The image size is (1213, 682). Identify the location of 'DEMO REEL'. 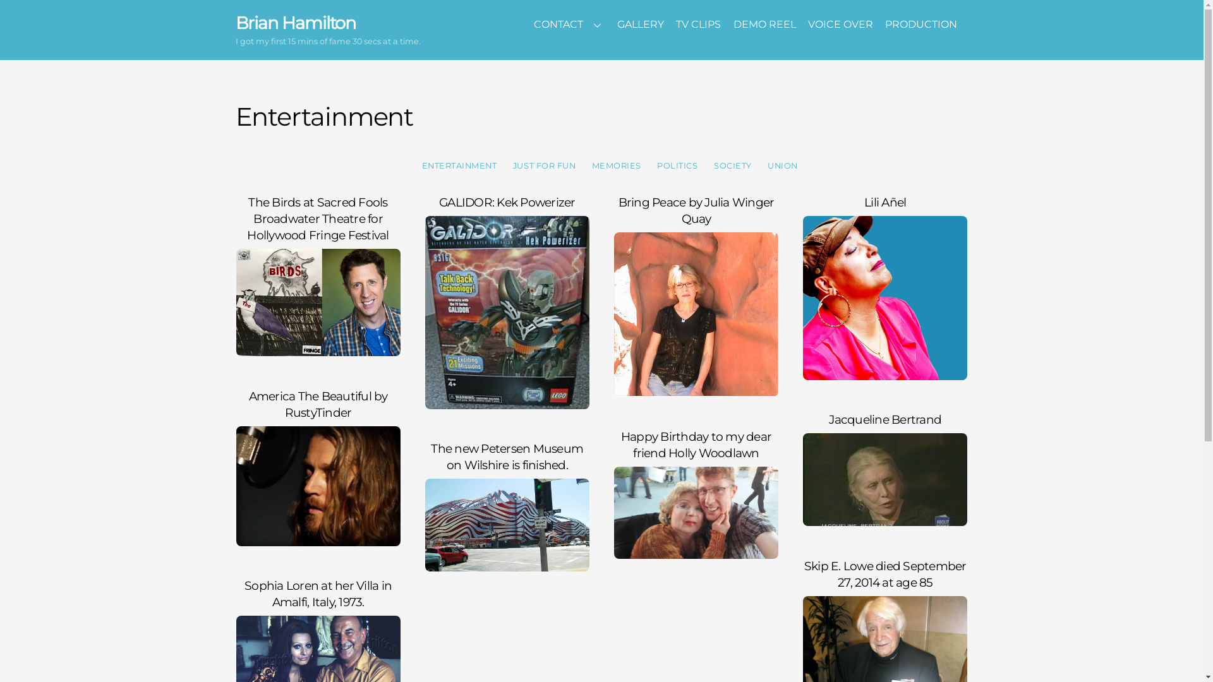
(763, 24).